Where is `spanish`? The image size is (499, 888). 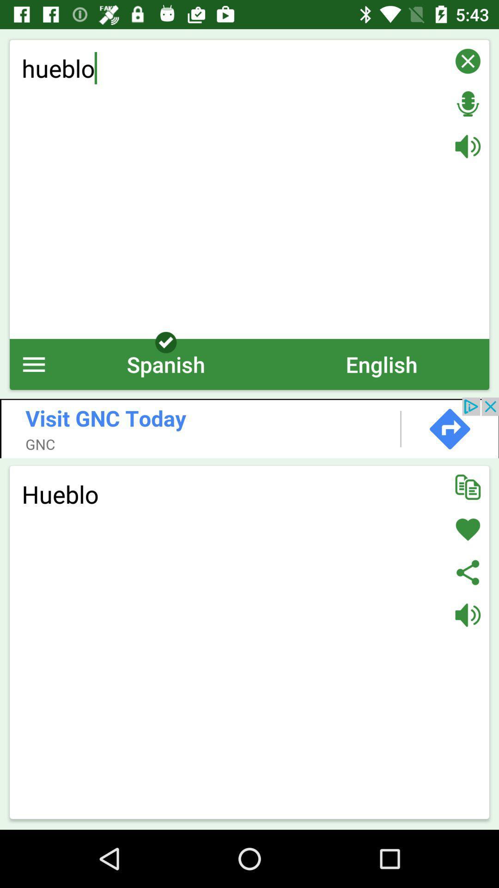
spanish is located at coordinates (165, 364).